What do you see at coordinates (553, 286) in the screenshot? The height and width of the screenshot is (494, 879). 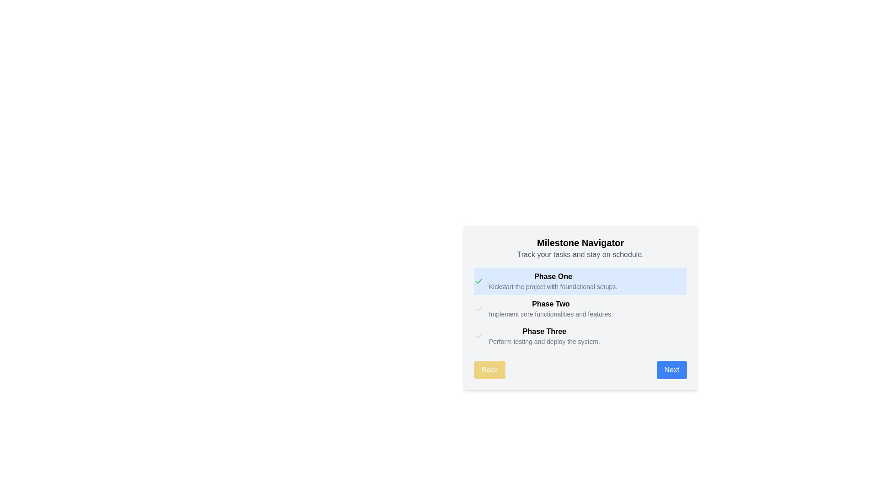 I see `the text block styled in gray font that reads 'Kickstart the project with foundational setups.' located below the heading 'Phase One' in the milestone navigation card` at bounding box center [553, 286].